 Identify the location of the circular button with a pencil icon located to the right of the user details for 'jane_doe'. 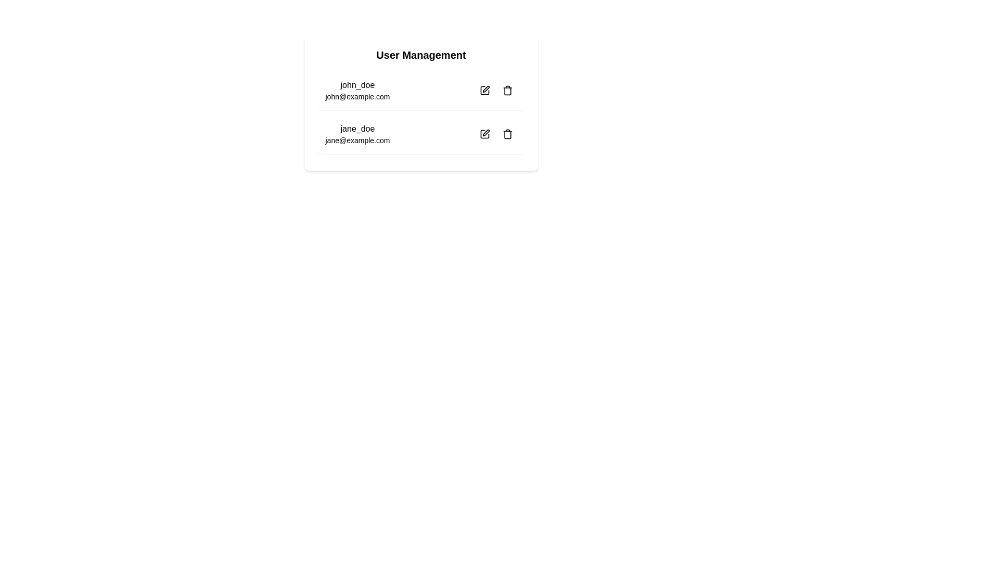
(484, 134).